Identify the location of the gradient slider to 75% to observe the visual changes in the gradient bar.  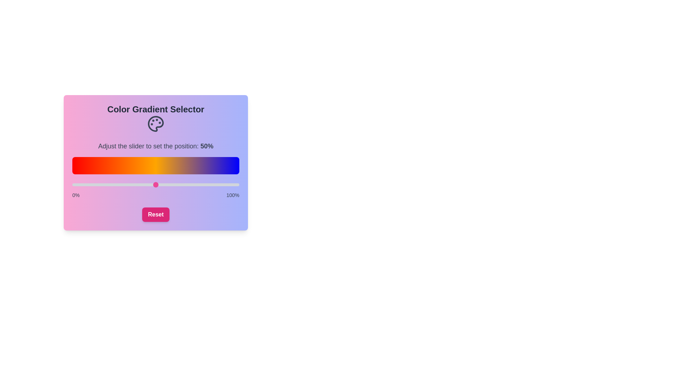
(197, 184).